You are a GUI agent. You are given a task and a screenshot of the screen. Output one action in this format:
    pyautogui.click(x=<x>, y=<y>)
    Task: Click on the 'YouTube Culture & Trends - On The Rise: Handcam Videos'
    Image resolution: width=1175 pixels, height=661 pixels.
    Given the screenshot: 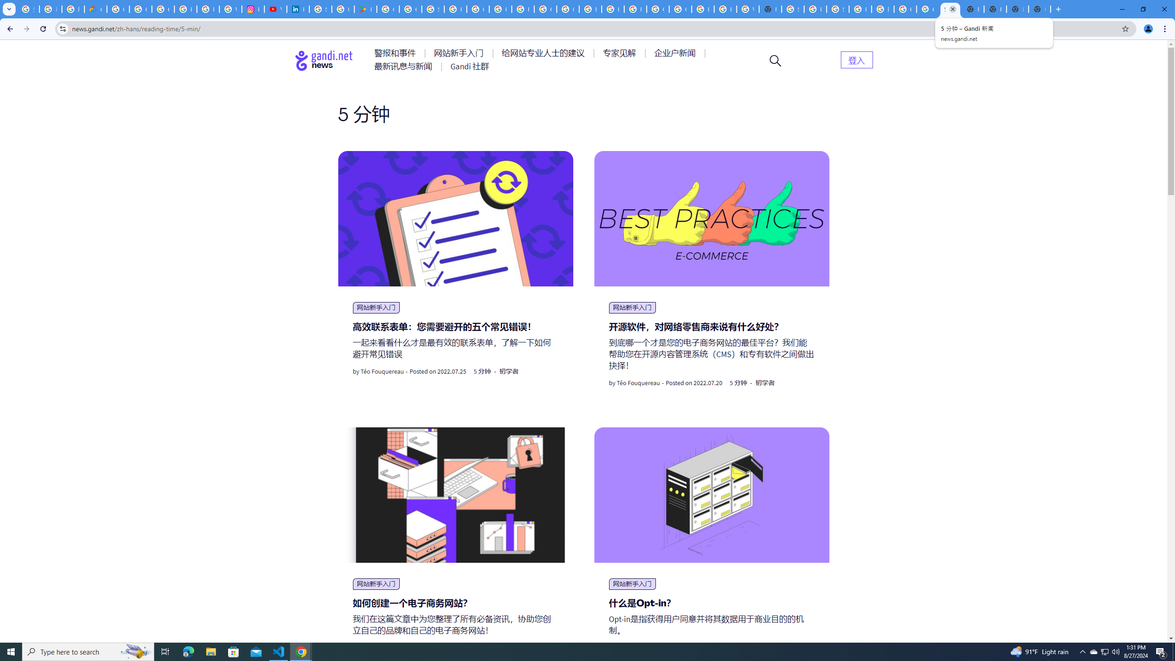 What is the action you would take?
    pyautogui.click(x=275, y=9)
    